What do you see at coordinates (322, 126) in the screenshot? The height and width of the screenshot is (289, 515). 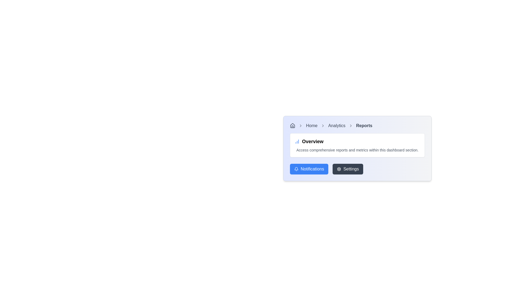 I see `the right-facing chevron icon in the breadcrumb navigation bar, located between the 'Home' and 'Analytics' labels` at bounding box center [322, 126].